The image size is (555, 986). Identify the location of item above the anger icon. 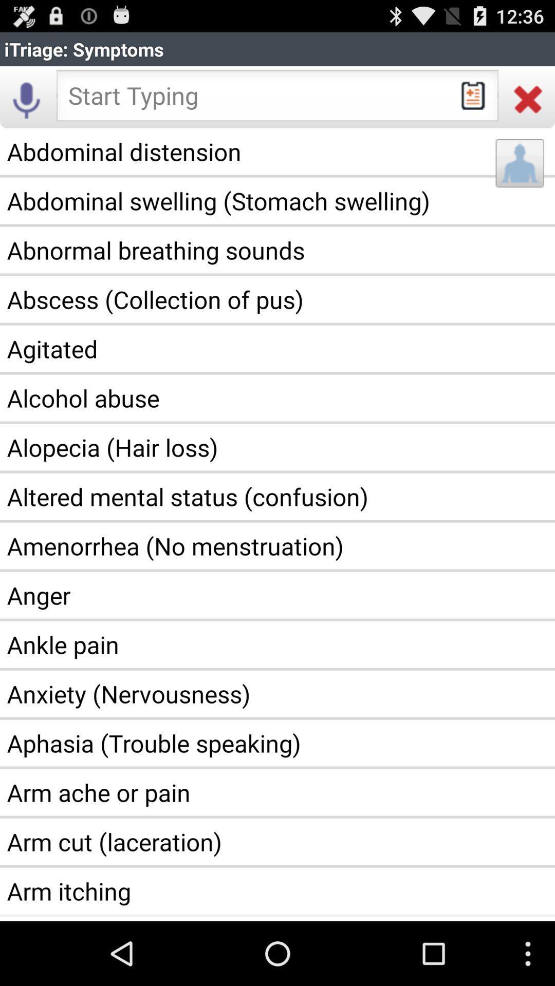
(277, 545).